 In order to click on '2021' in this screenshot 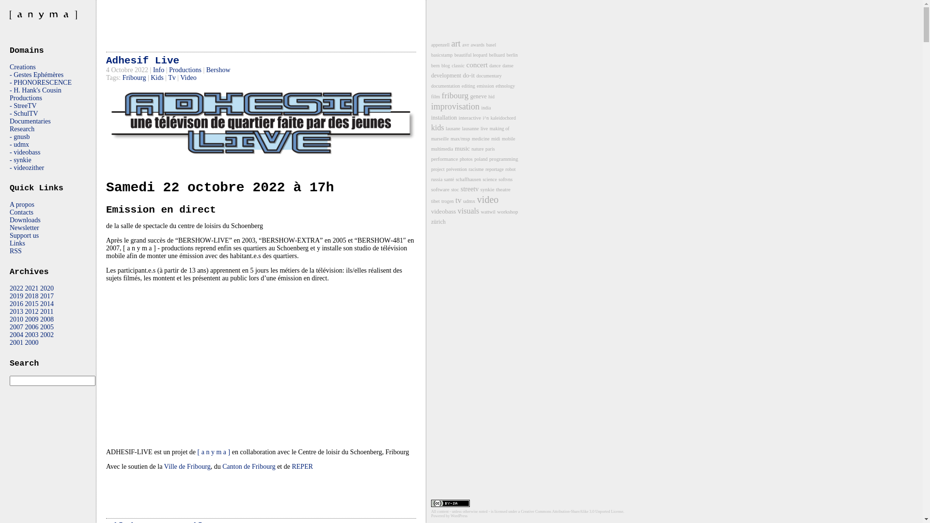, I will do `click(32, 288)`.